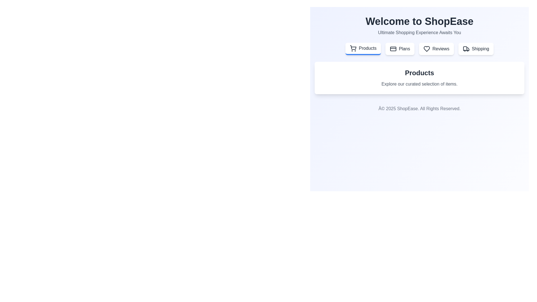 This screenshot has height=302, width=537. What do you see at coordinates (480, 48) in the screenshot?
I see `the button containing the 'Shipping' text label` at bounding box center [480, 48].